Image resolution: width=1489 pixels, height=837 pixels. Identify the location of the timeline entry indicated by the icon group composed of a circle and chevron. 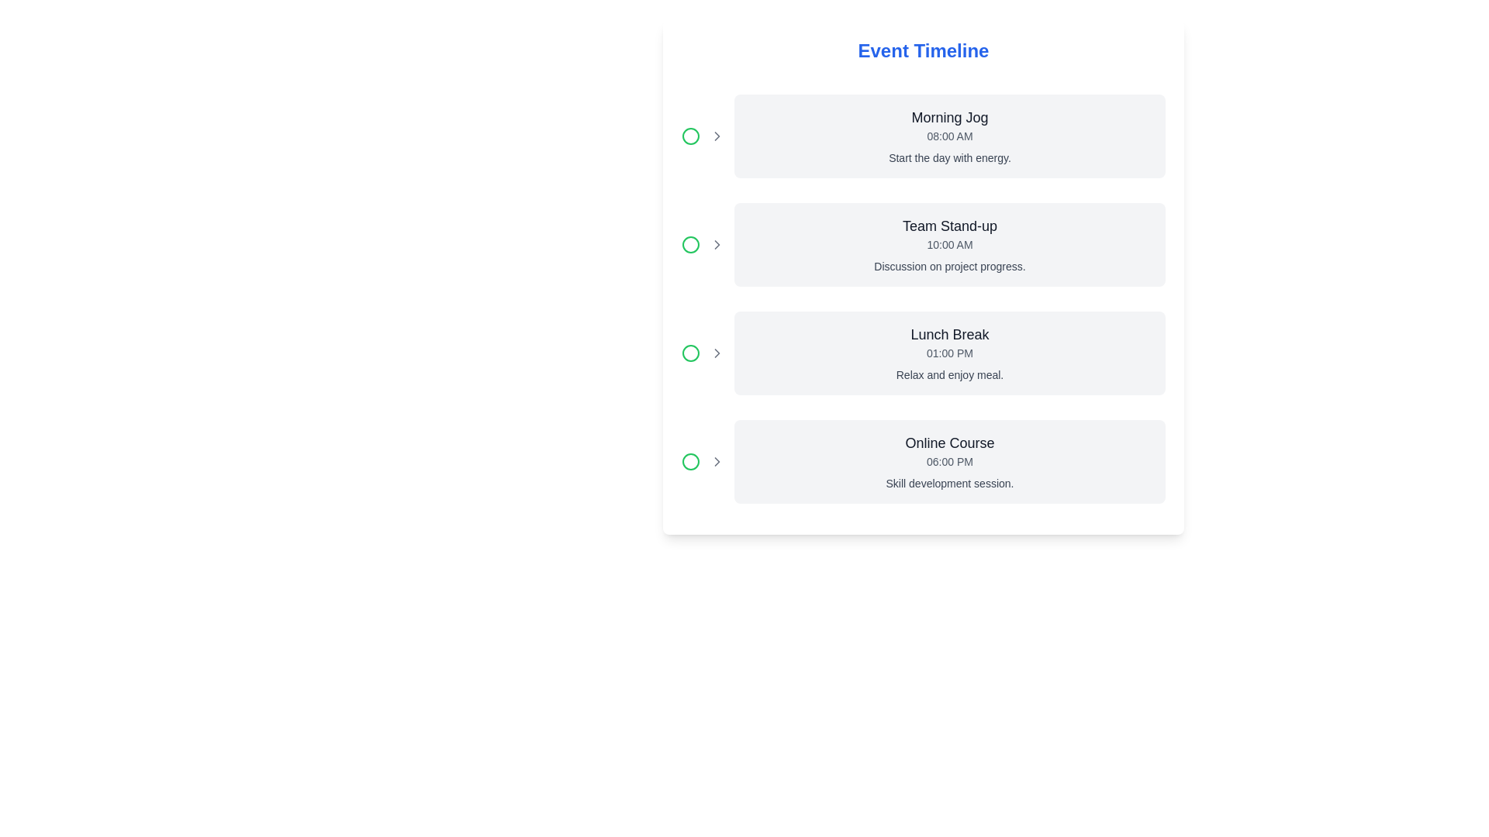
(706, 461).